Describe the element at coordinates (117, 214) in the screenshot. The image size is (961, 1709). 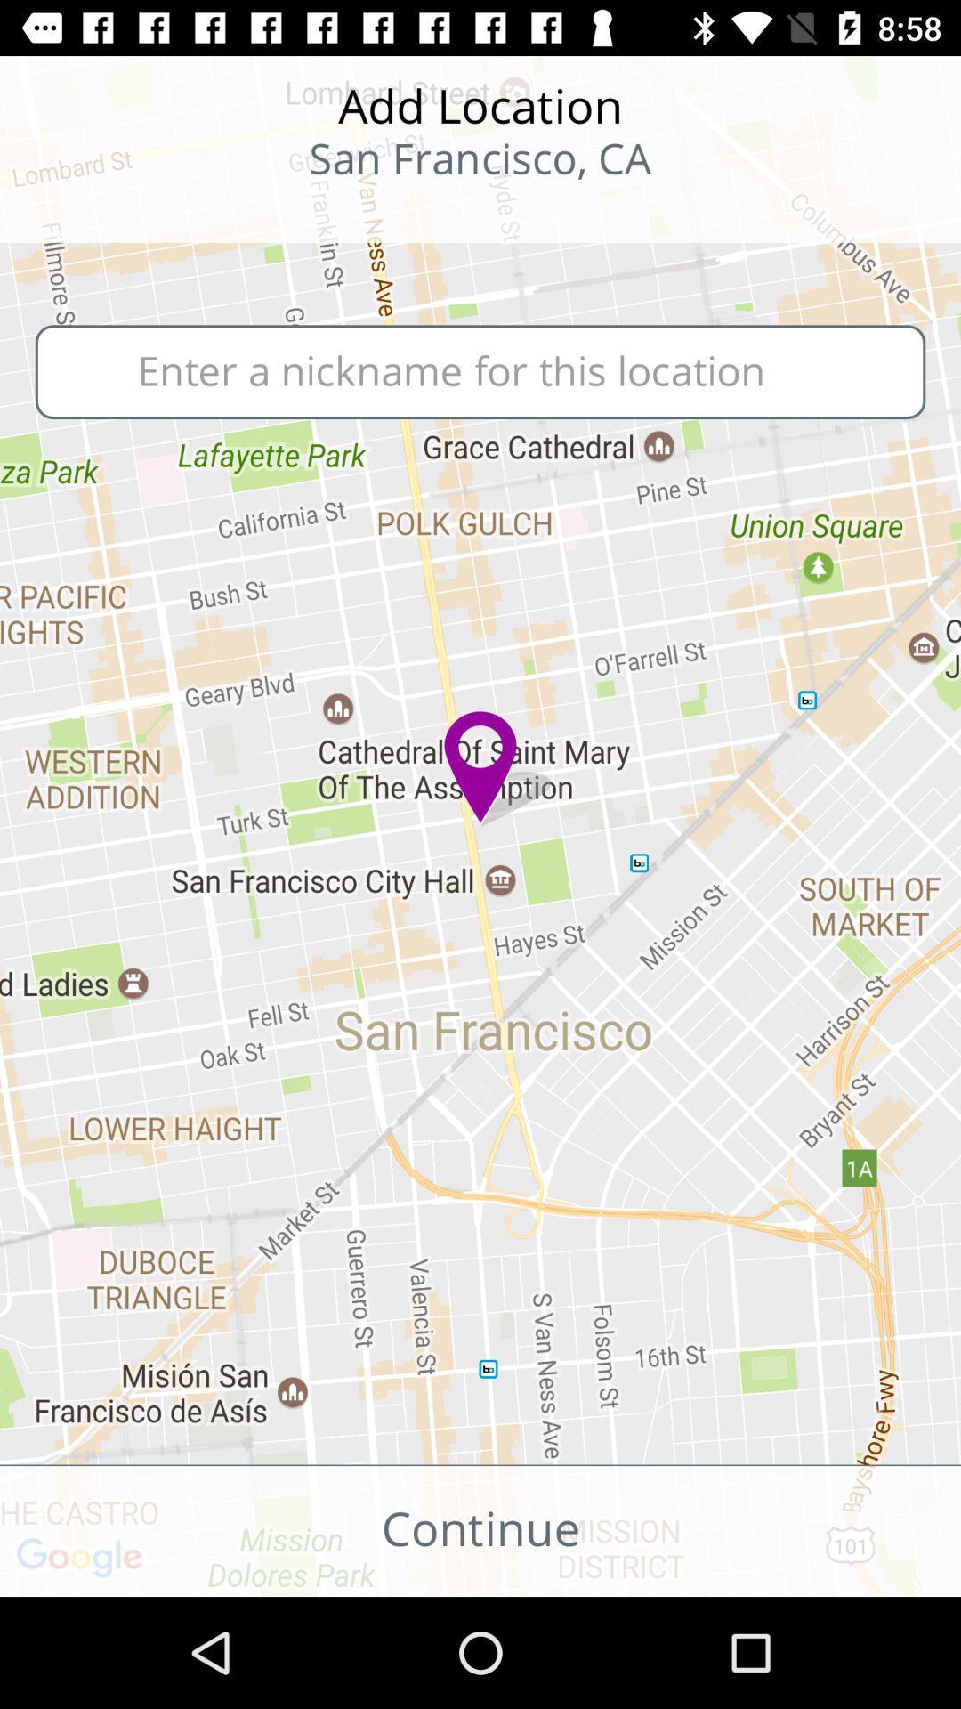
I see `the star icon` at that location.